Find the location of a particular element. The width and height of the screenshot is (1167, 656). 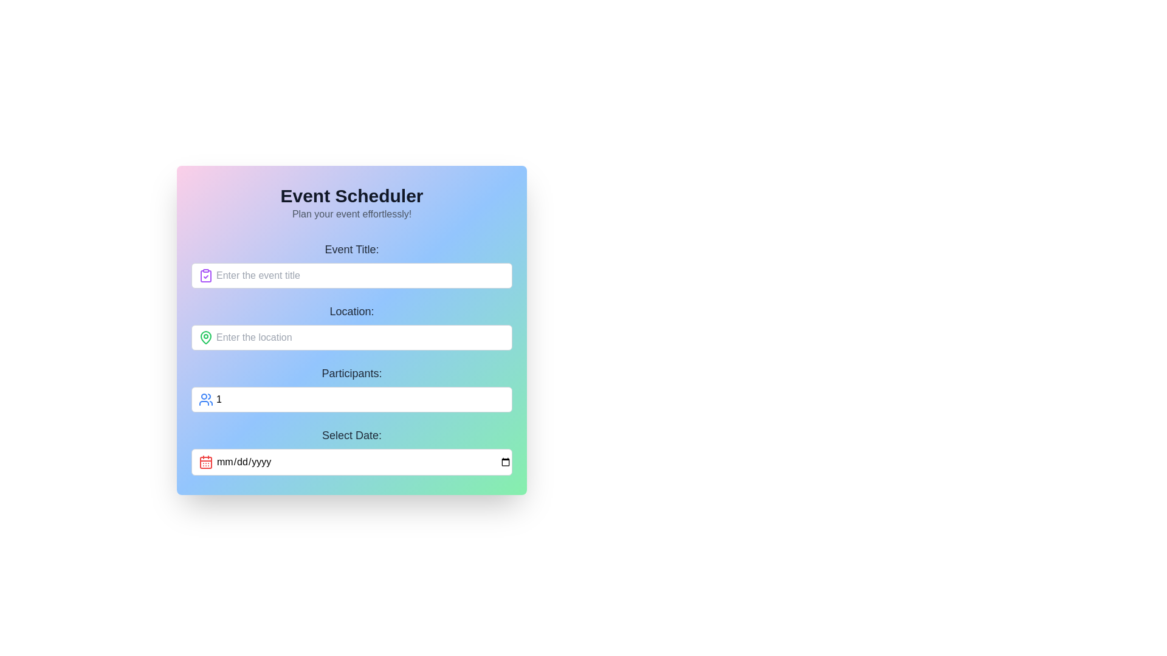

the Text label that indicates the purpose of the adjacent input field for entering the event's location, which is centrally aligned within the form layout below the 'Event Title' label is located at coordinates (351, 311).